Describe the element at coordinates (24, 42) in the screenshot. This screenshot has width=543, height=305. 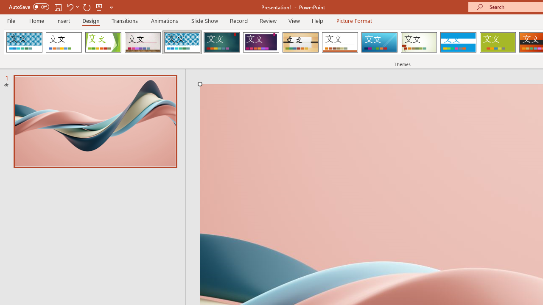
I see `'AfterglowVTI'` at that location.